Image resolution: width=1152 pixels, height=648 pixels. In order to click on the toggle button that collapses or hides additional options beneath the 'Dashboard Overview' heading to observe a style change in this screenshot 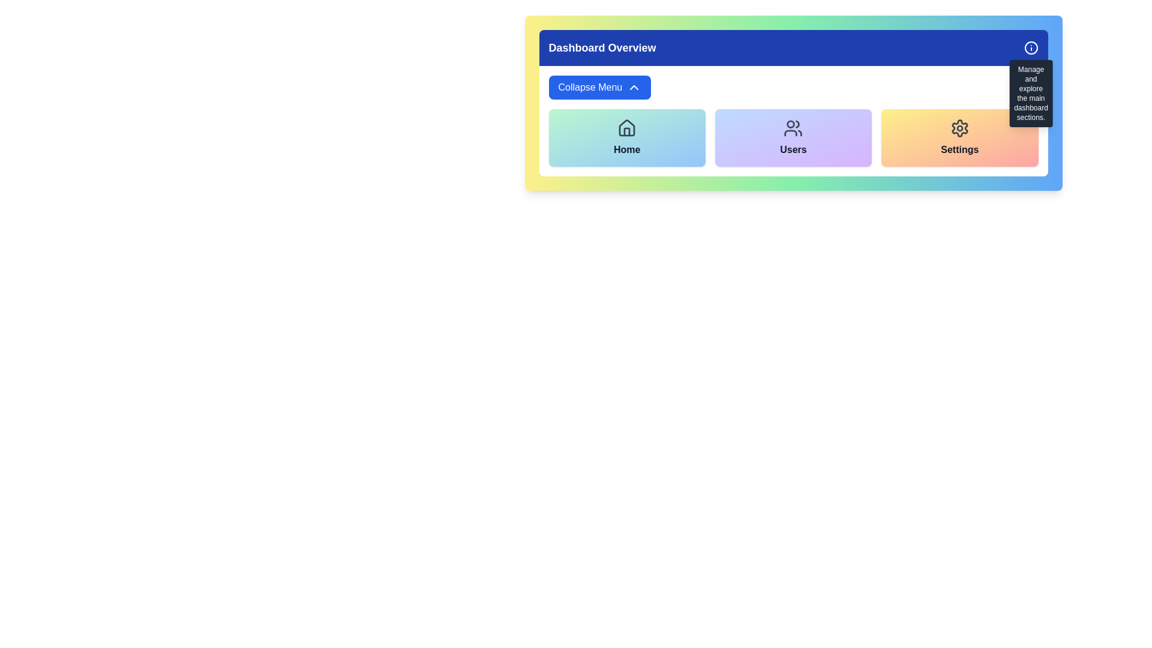, I will do `click(599, 87)`.